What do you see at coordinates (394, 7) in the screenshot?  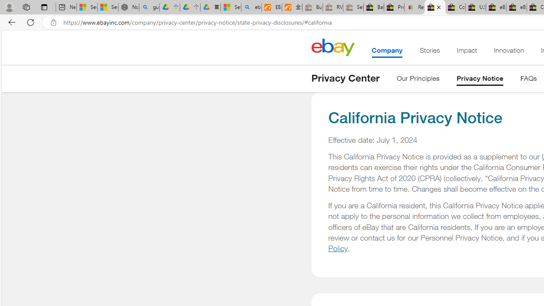 I see `'Press Room - eBay Inc.'` at bounding box center [394, 7].